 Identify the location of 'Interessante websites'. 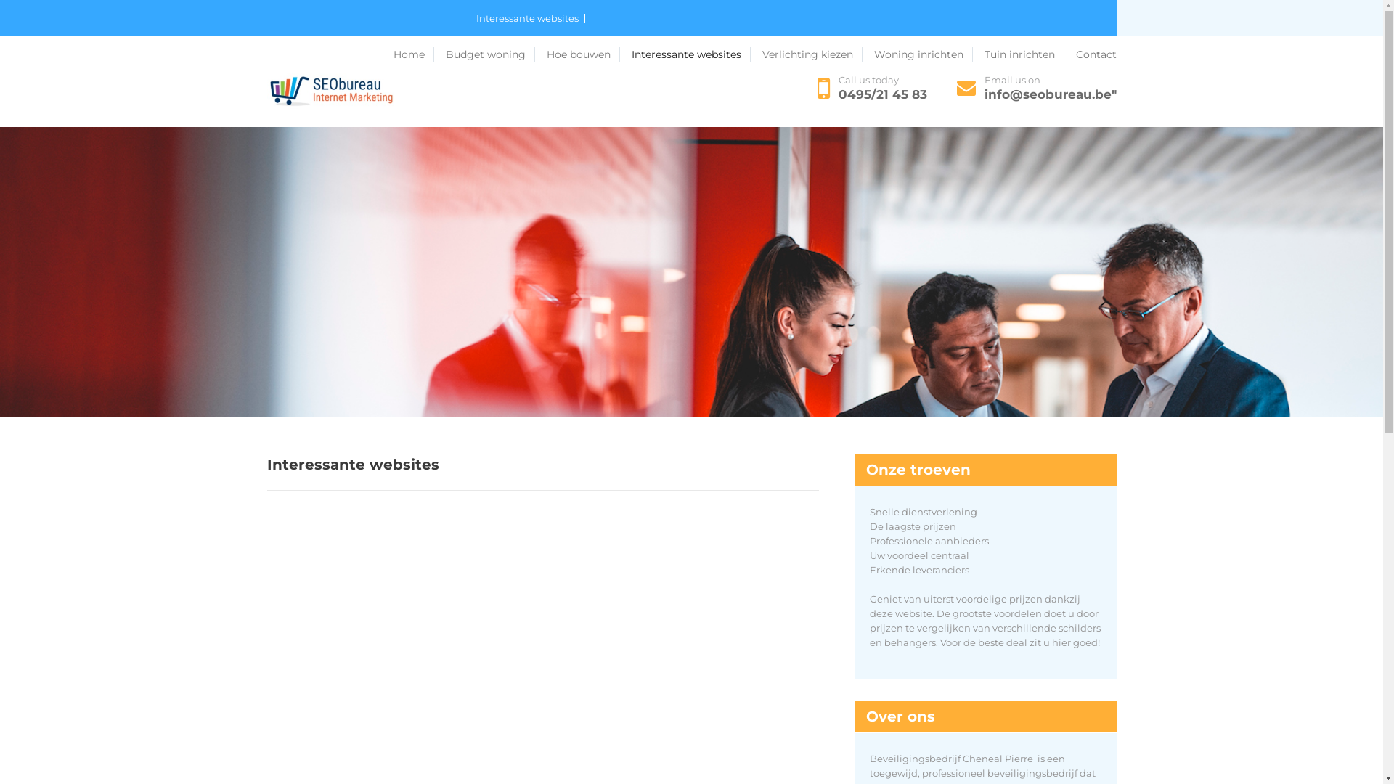
(476, 18).